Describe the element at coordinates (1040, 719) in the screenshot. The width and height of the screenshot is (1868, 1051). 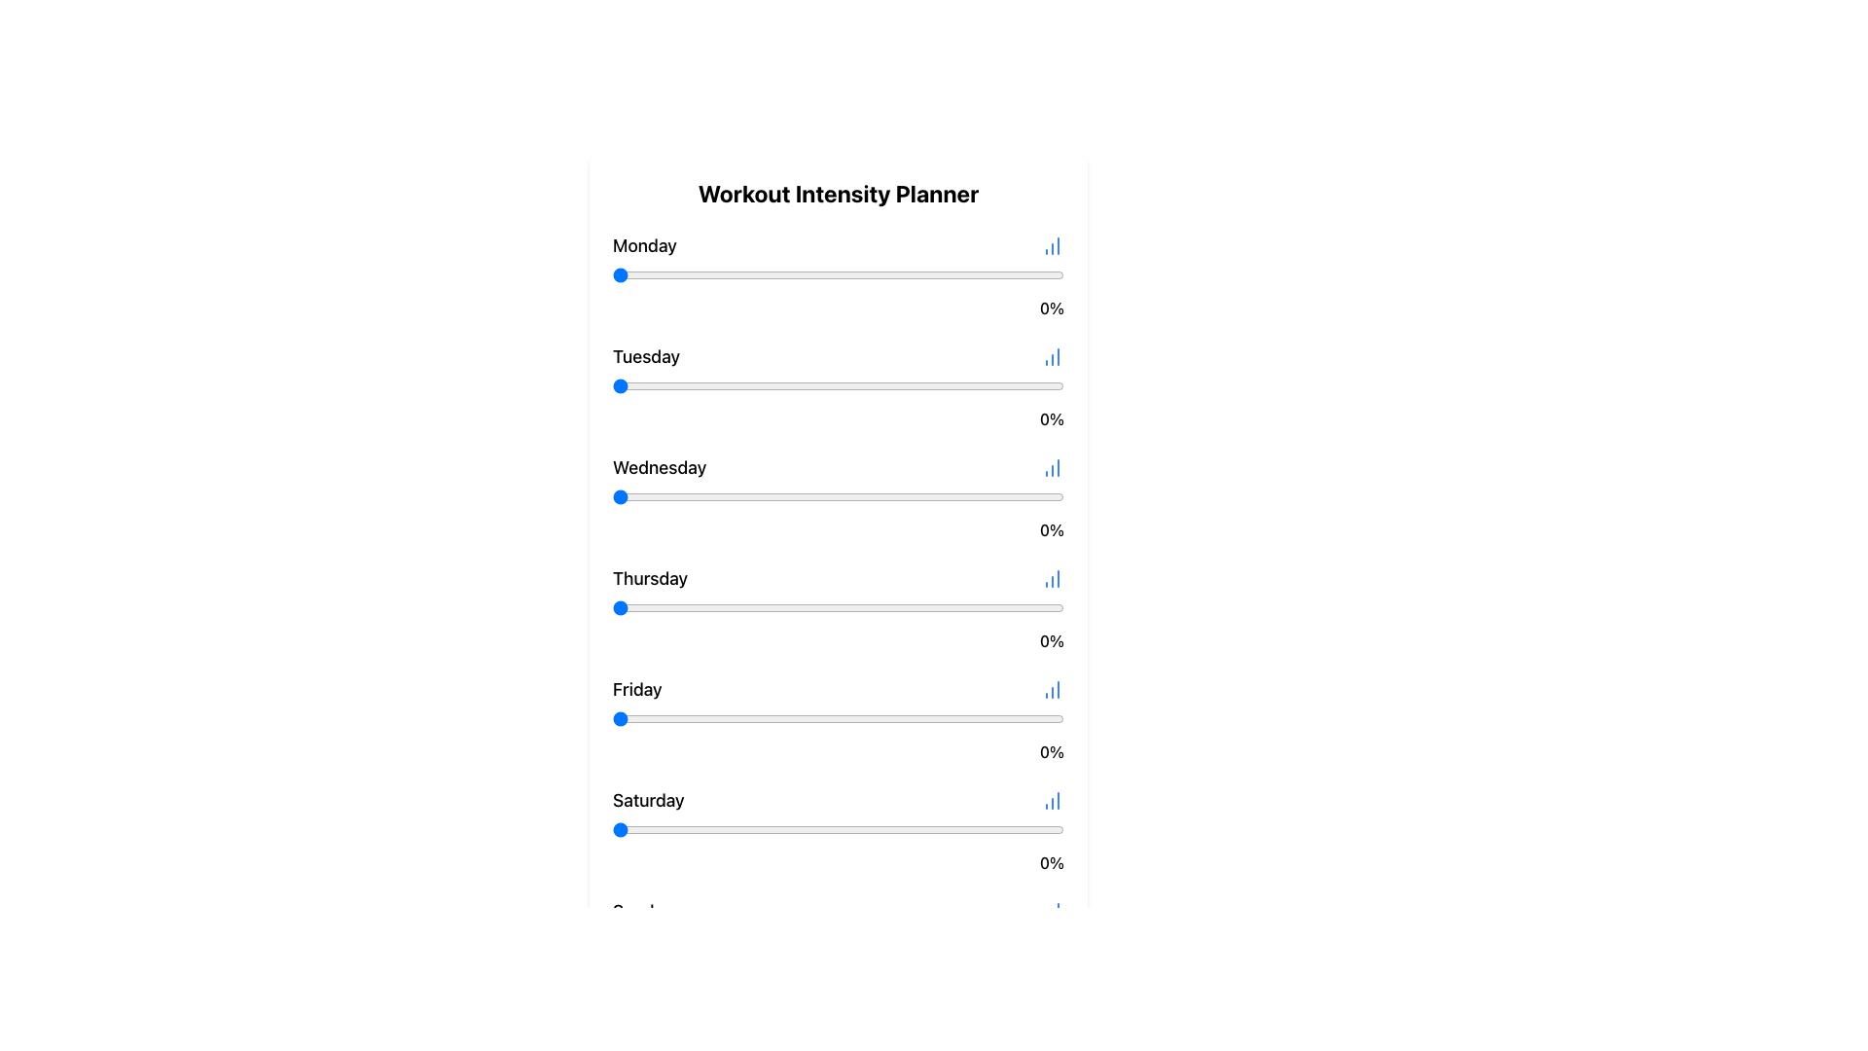
I see `the Friday intensity` at that location.